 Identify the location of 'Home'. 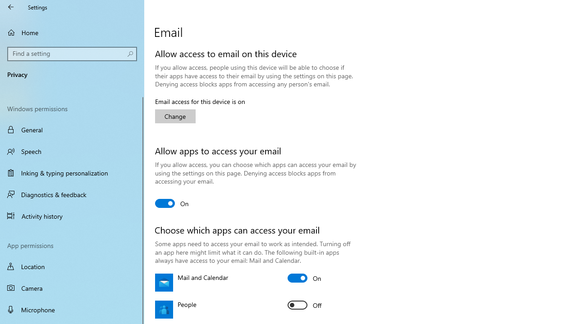
(72, 32).